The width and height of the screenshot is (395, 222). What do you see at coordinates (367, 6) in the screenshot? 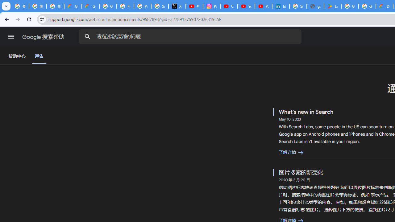
I see `'Google Workspace - Specific Terms'` at bounding box center [367, 6].